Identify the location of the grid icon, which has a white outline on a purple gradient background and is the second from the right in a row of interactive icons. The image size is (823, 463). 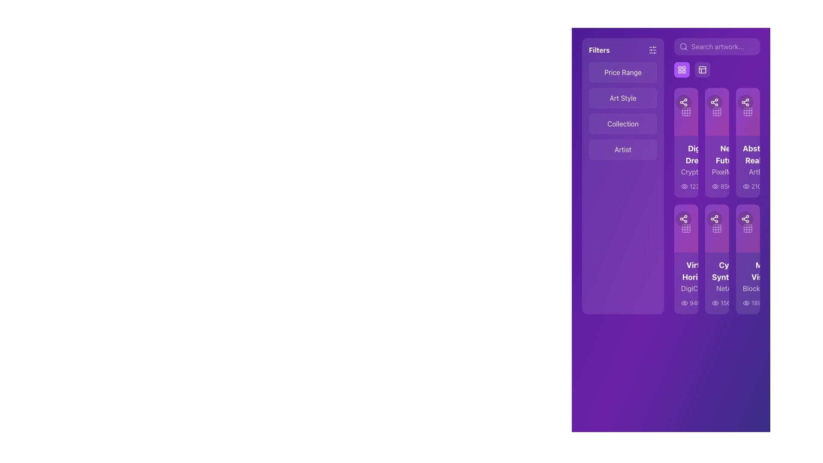
(748, 228).